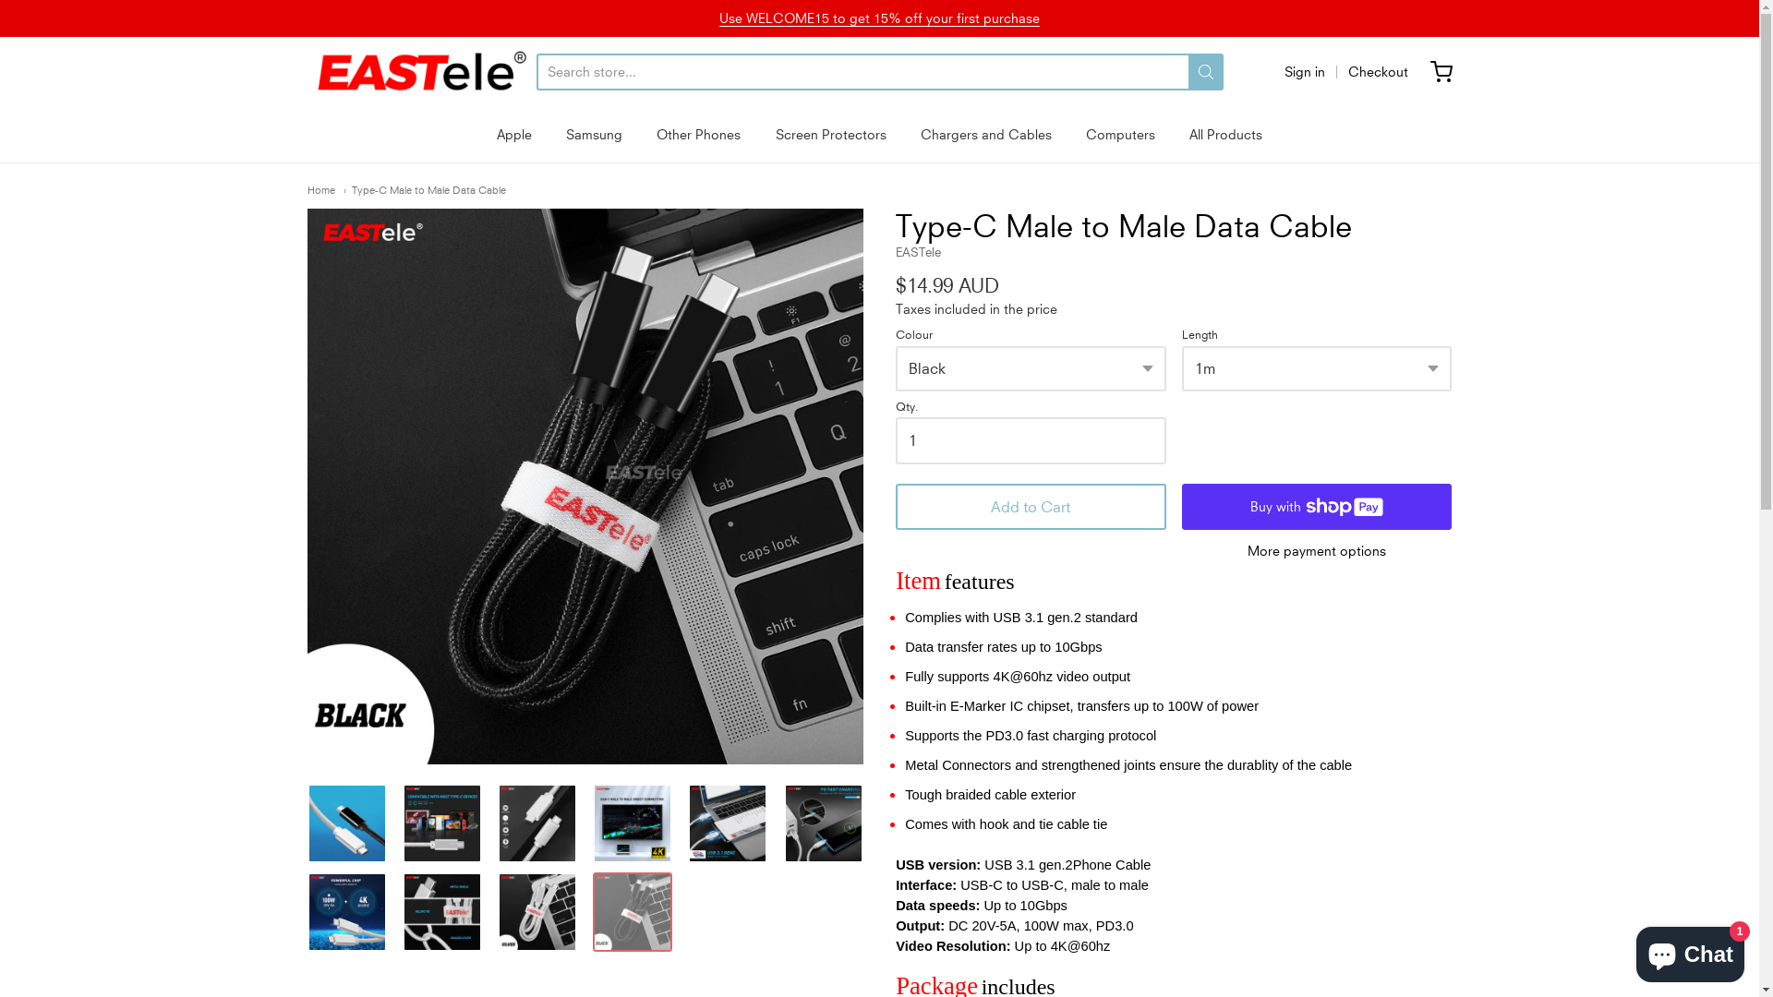 The width and height of the screenshot is (1773, 997). What do you see at coordinates (536, 822) in the screenshot?
I see `'Type-C Male to Male Data Cable'` at bounding box center [536, 822].